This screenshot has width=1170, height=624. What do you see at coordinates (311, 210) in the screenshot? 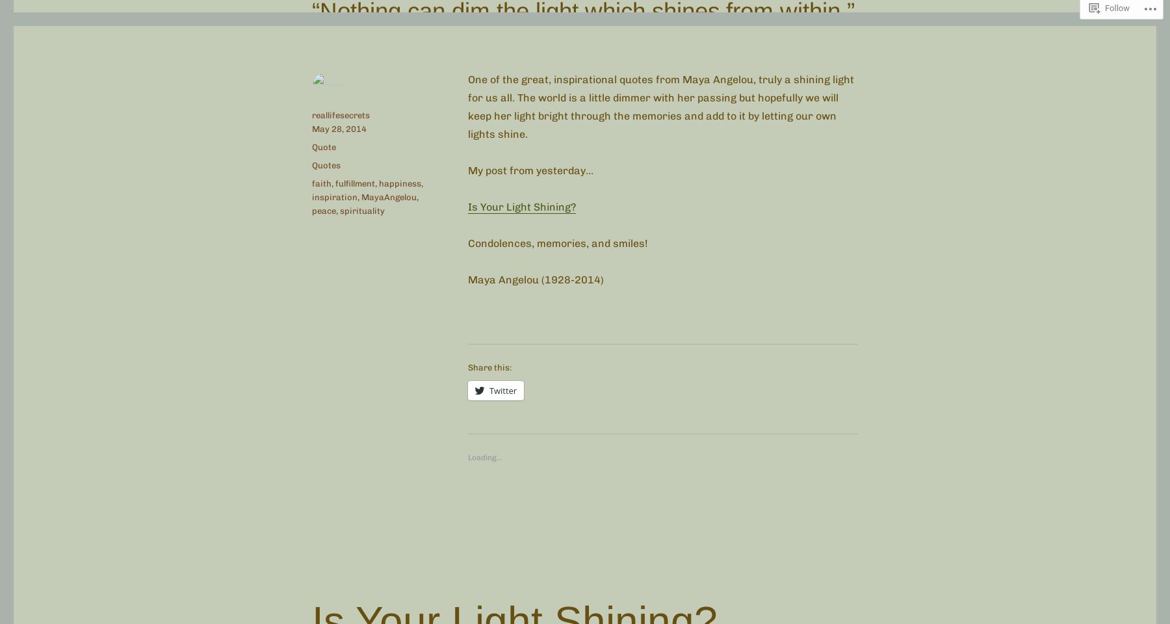
I see `'peace'` at bounding box center [311, 210].